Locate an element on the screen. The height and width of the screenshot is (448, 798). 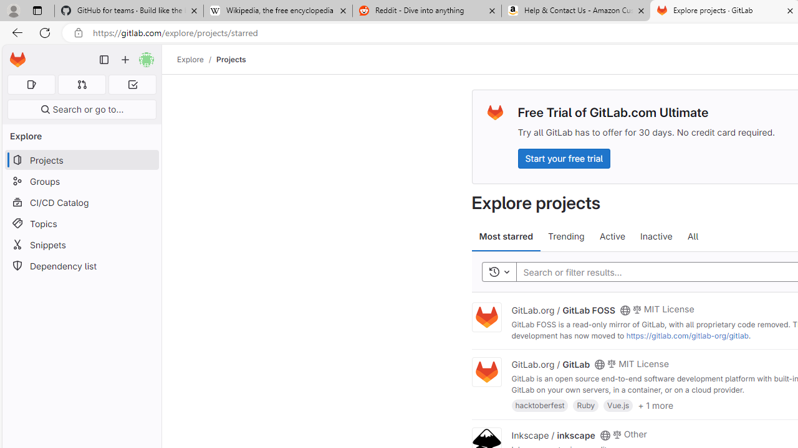
'GitLab.org / GitLab' is located at coordinates (550, 364).